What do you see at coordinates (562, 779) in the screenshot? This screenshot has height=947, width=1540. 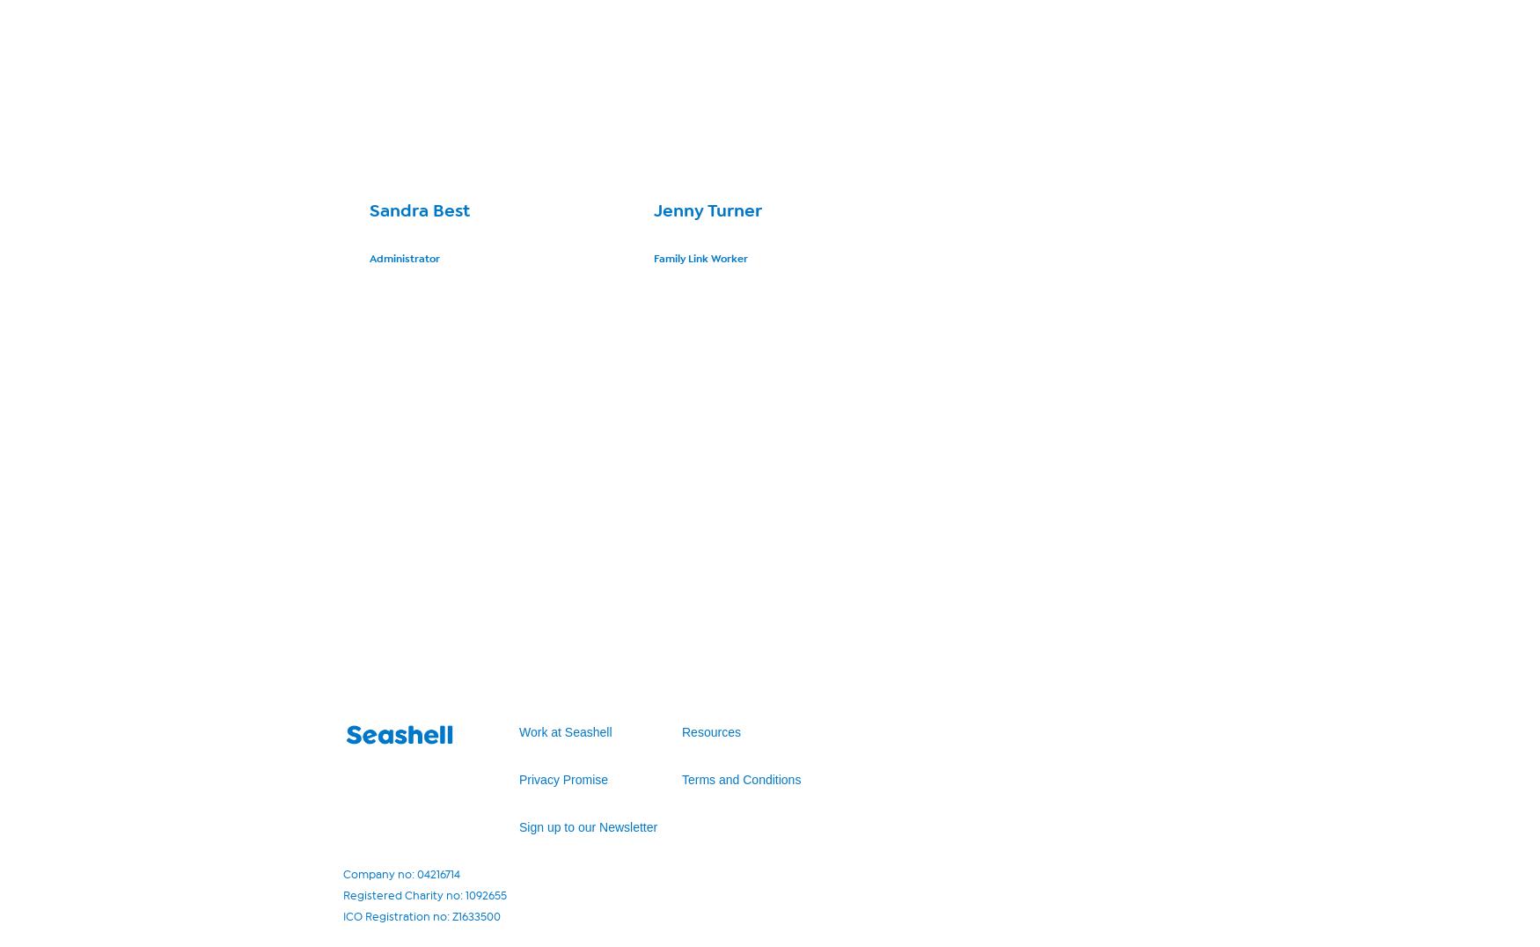 I see `'Privacy Promise'` at bounding box center [562, 779].